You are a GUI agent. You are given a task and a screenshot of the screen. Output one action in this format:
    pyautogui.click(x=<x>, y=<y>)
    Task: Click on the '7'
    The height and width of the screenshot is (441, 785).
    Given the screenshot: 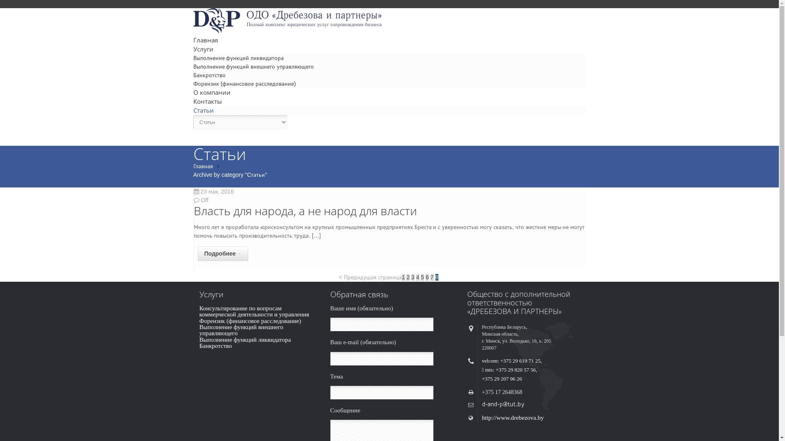 What is the action you would take?
    pyautogui.click(x=431, y=276)
    